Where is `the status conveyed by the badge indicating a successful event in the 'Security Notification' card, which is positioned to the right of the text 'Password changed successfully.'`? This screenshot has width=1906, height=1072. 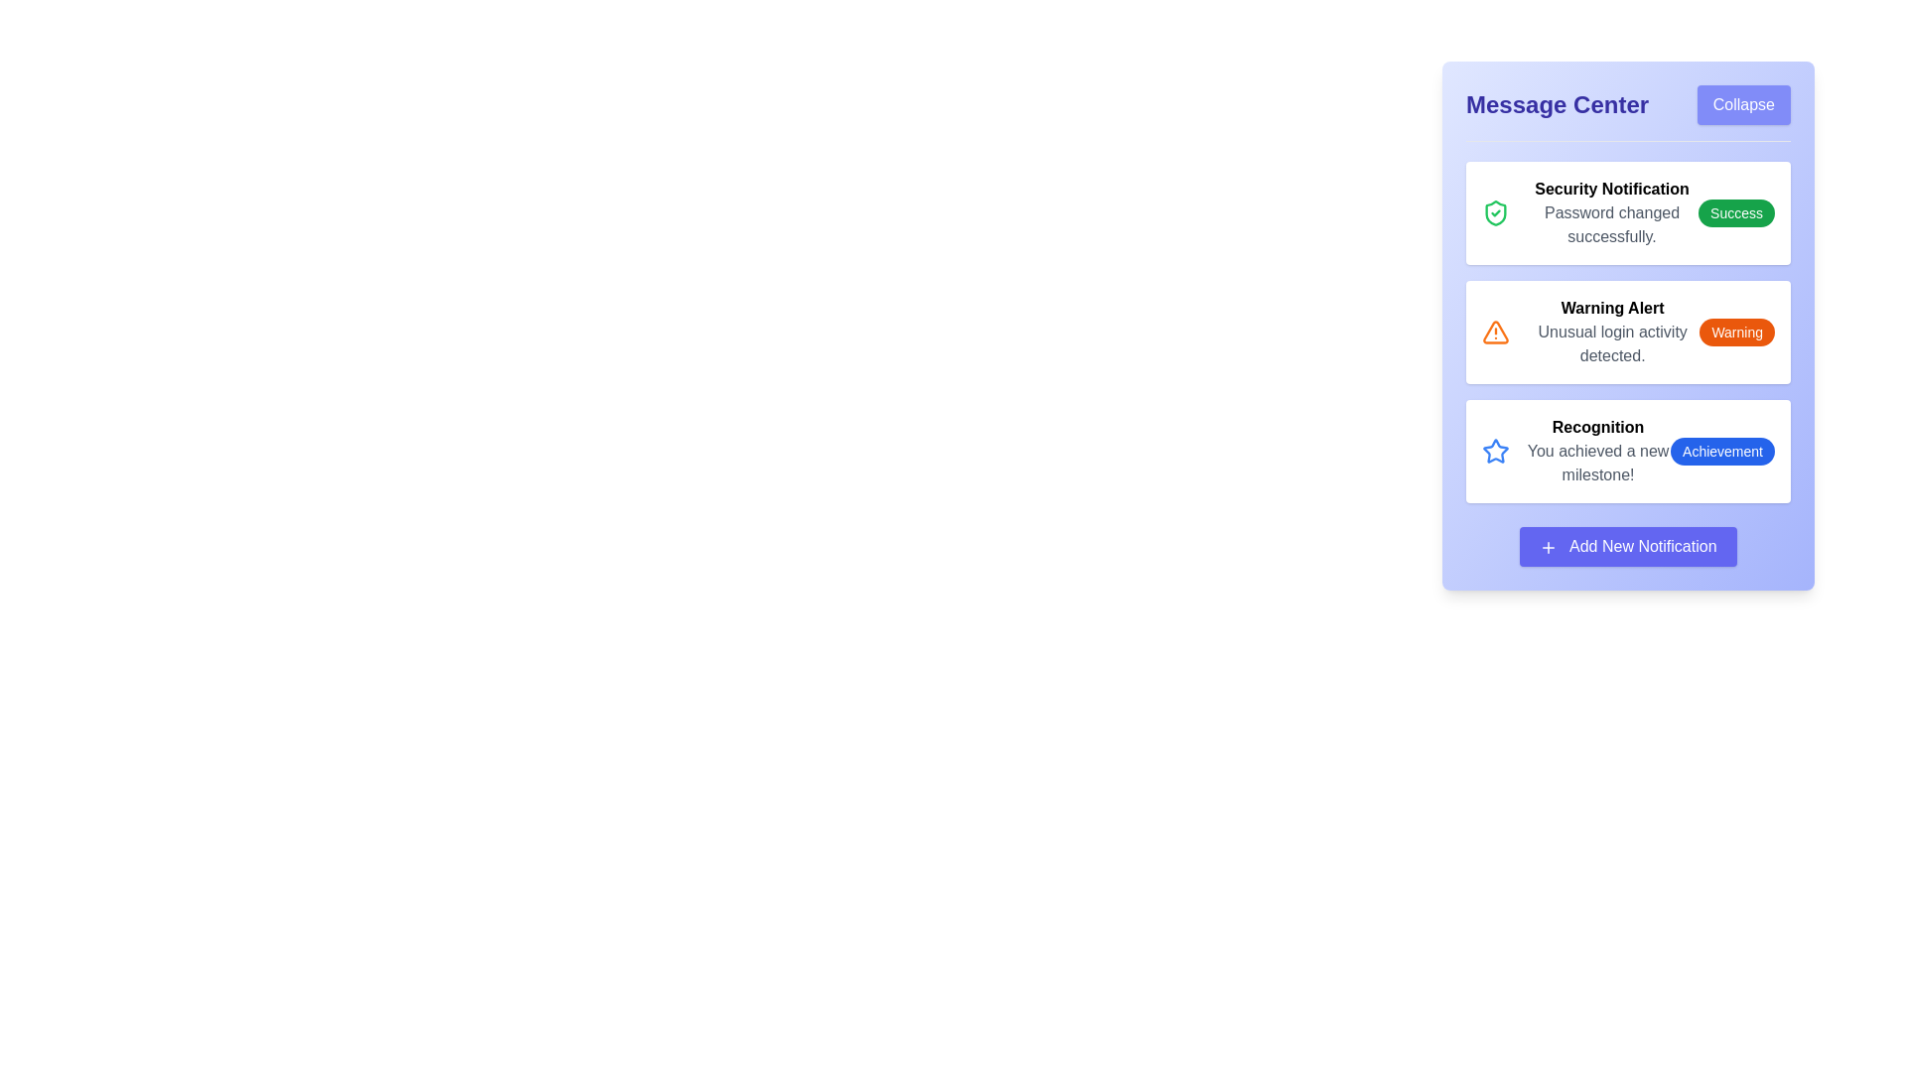 the status conveyed by the badge indicating a successful event in the 'Security Notification' card, which is positioned to the right of the text 'Password changed successfully.' is located at coordinates (1735, 213).